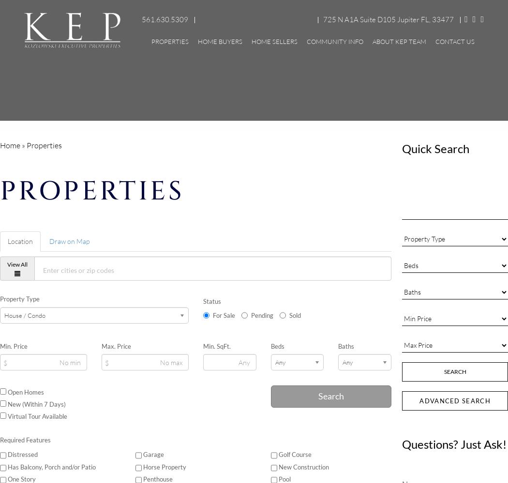 The width and height of the screenshot is (508, 483). I want to click on 'Loan Pre-Qualification', so click(249, 181).